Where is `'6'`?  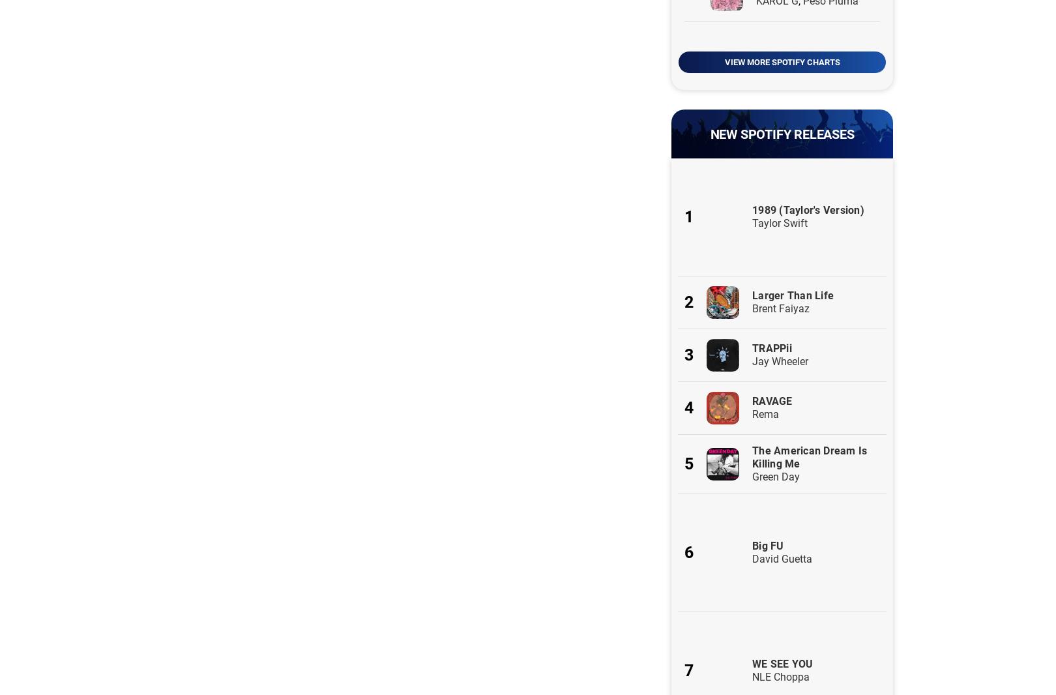 '6' is located at coordinates (688, 552).